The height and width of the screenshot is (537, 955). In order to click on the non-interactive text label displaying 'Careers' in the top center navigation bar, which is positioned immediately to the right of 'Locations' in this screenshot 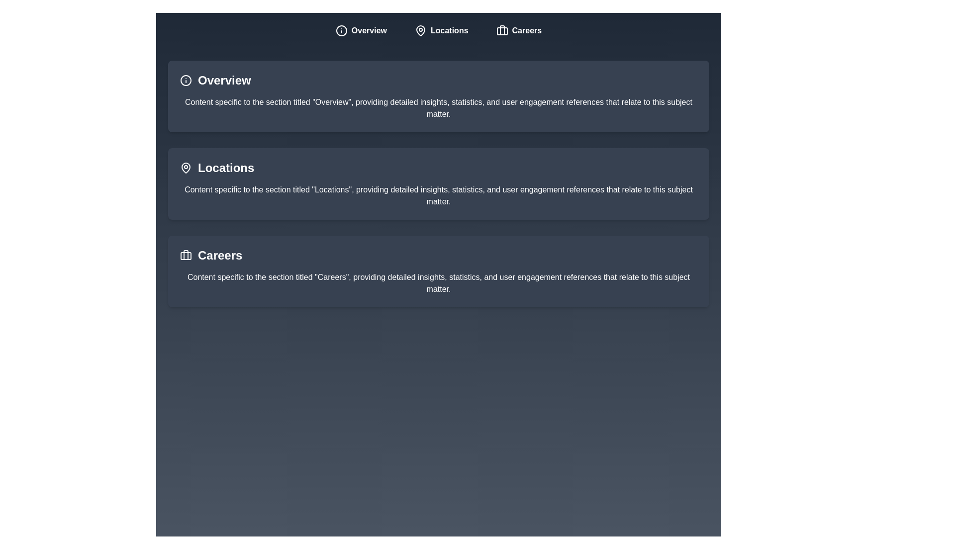, I will do `click(526, 30)`.